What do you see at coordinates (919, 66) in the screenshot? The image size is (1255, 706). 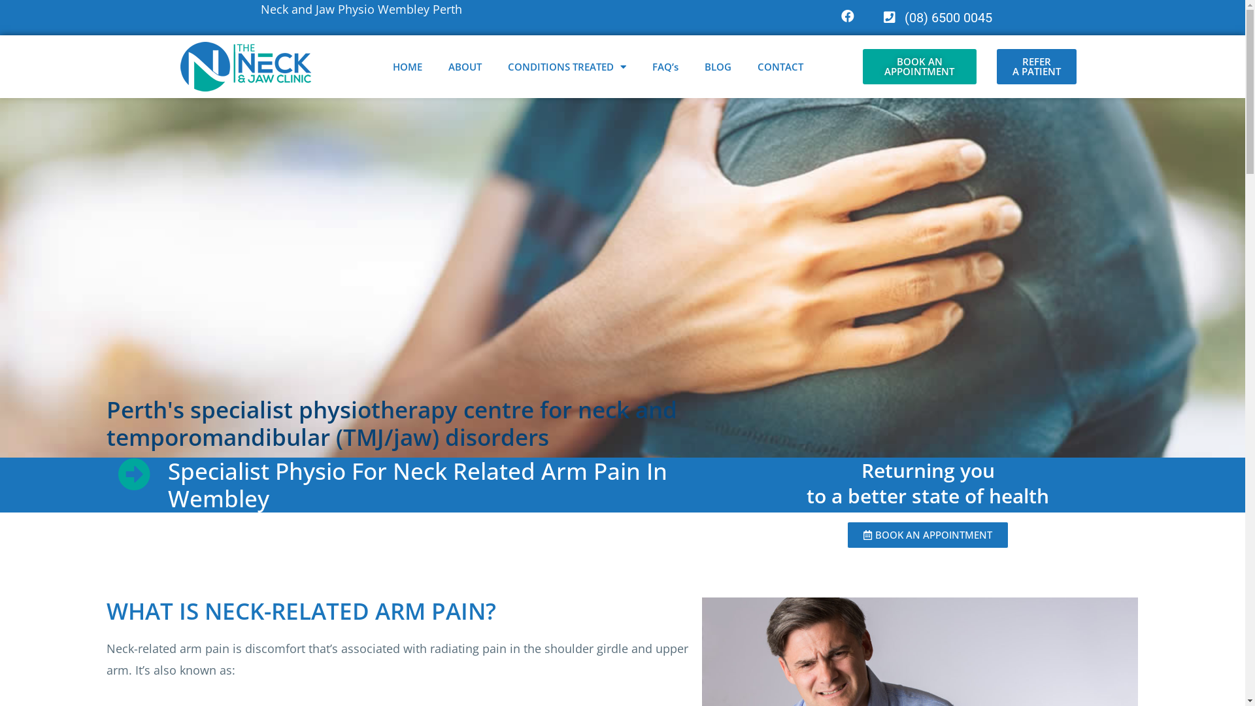 I see `'BOOK AN APPOINTMENT'` at bounding box center [919, 66].